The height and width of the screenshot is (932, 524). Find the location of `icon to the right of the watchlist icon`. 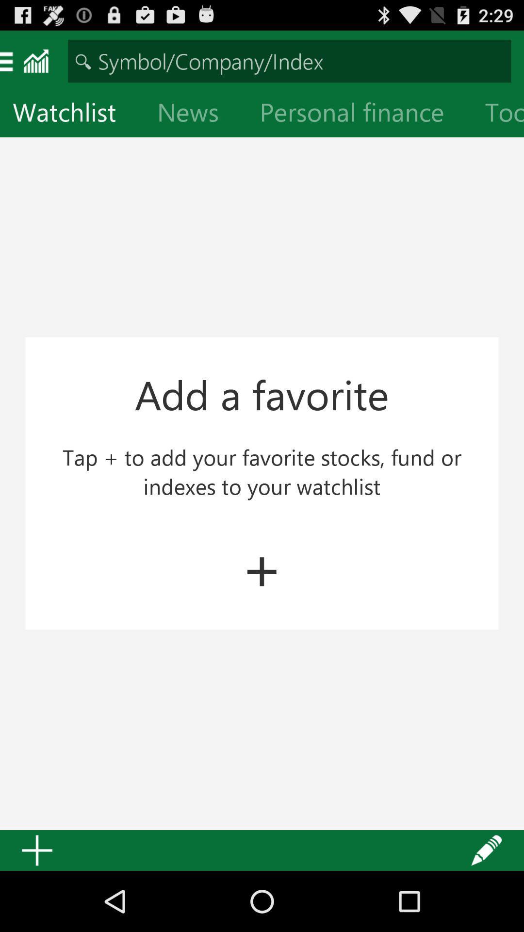

icon to the right of the watchlist icon is located at coordinates (196, 114).